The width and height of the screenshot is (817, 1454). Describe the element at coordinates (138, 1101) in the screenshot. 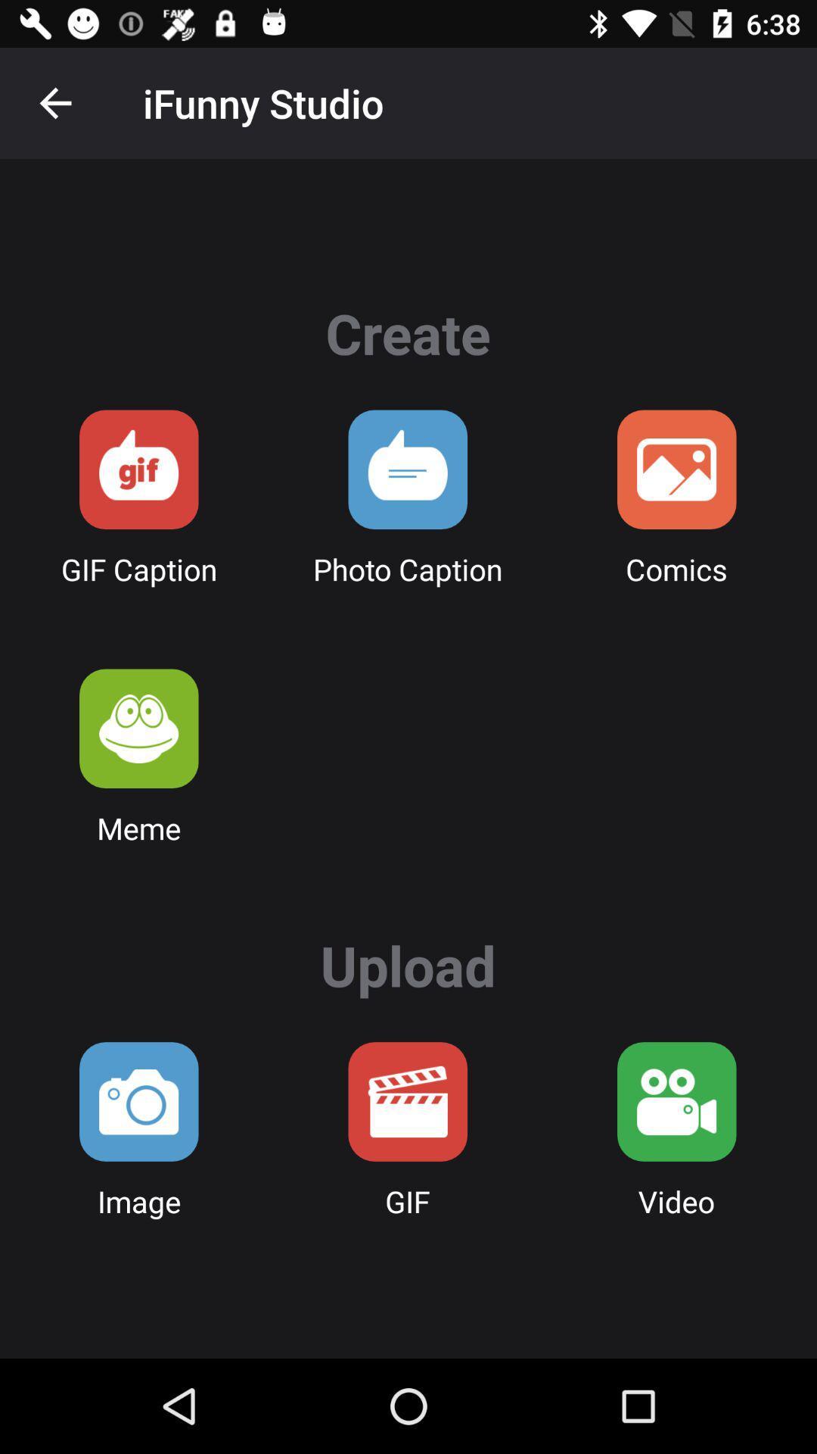

I see `the photo icon` at that location.